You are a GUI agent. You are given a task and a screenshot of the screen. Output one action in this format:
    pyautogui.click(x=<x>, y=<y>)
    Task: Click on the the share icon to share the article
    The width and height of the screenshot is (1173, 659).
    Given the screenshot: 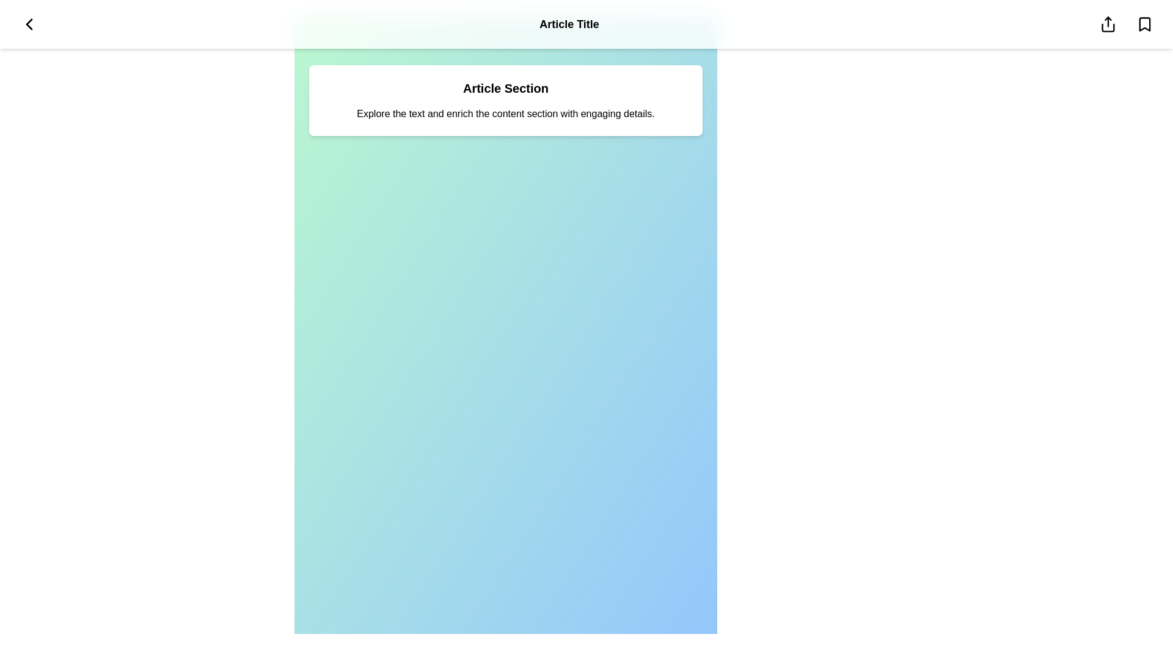 What is the action you would take?
    pyautogui.click(x=1108, y=24)
    